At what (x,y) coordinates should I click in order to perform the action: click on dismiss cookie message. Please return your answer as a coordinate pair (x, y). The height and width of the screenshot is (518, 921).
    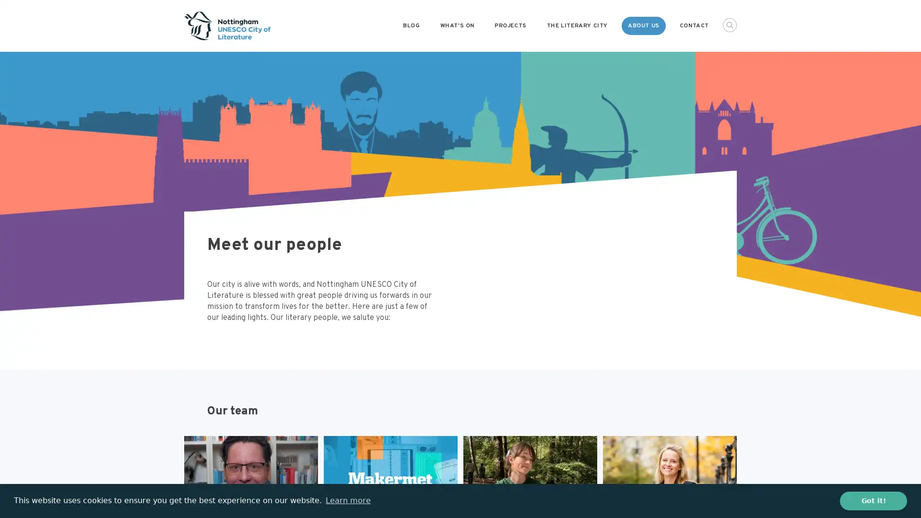
    Looking at the image, I should click on (873, 500).